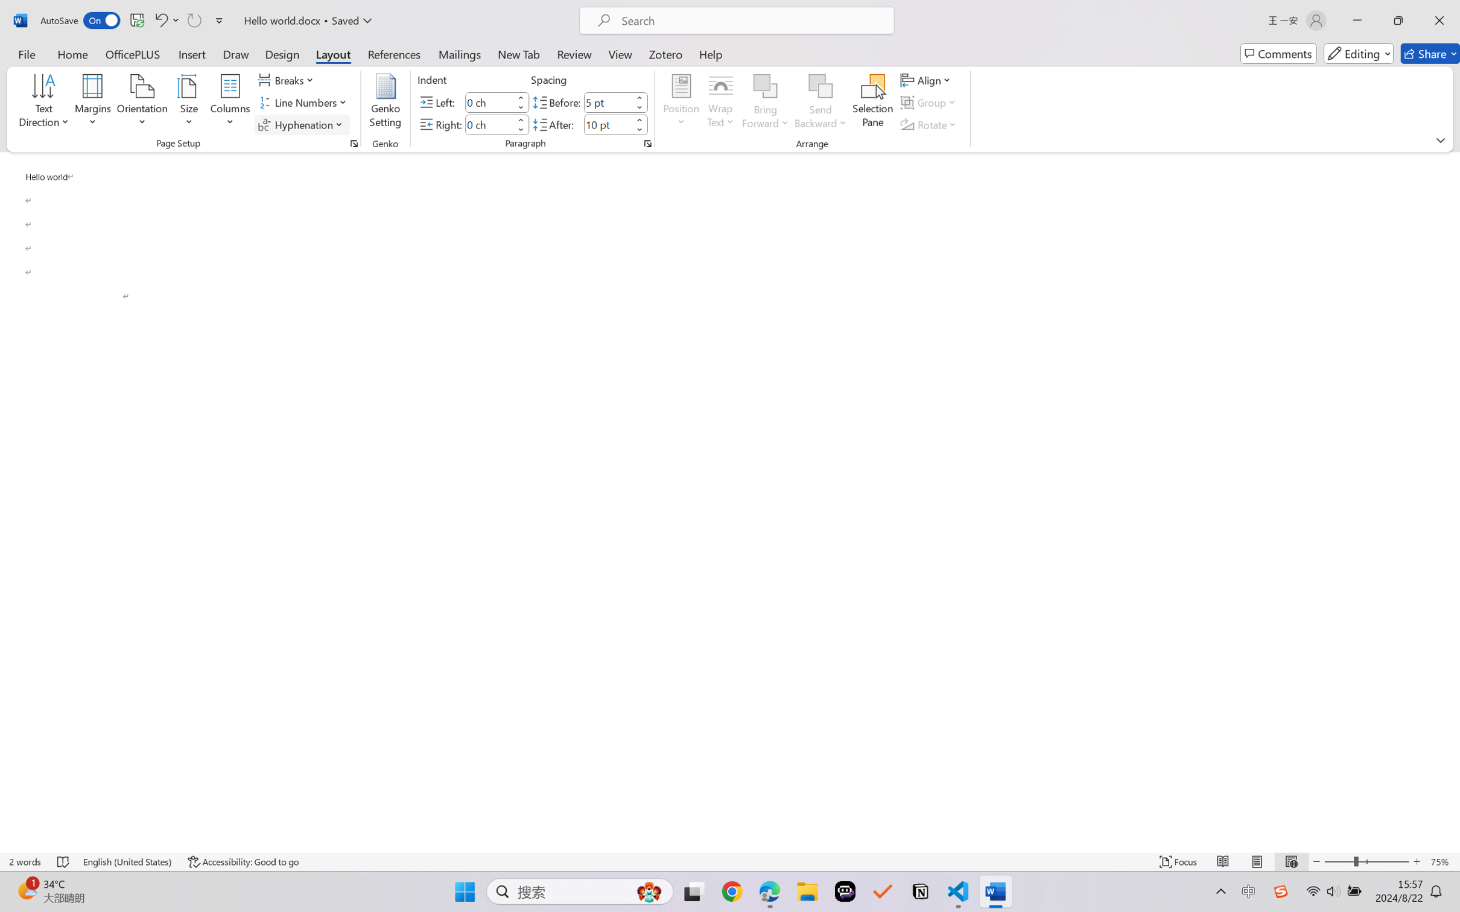 The image size is (1460, 912). Describe the element at coordinates (73, 53) in the screenshot. I see `'Home'` at that location.